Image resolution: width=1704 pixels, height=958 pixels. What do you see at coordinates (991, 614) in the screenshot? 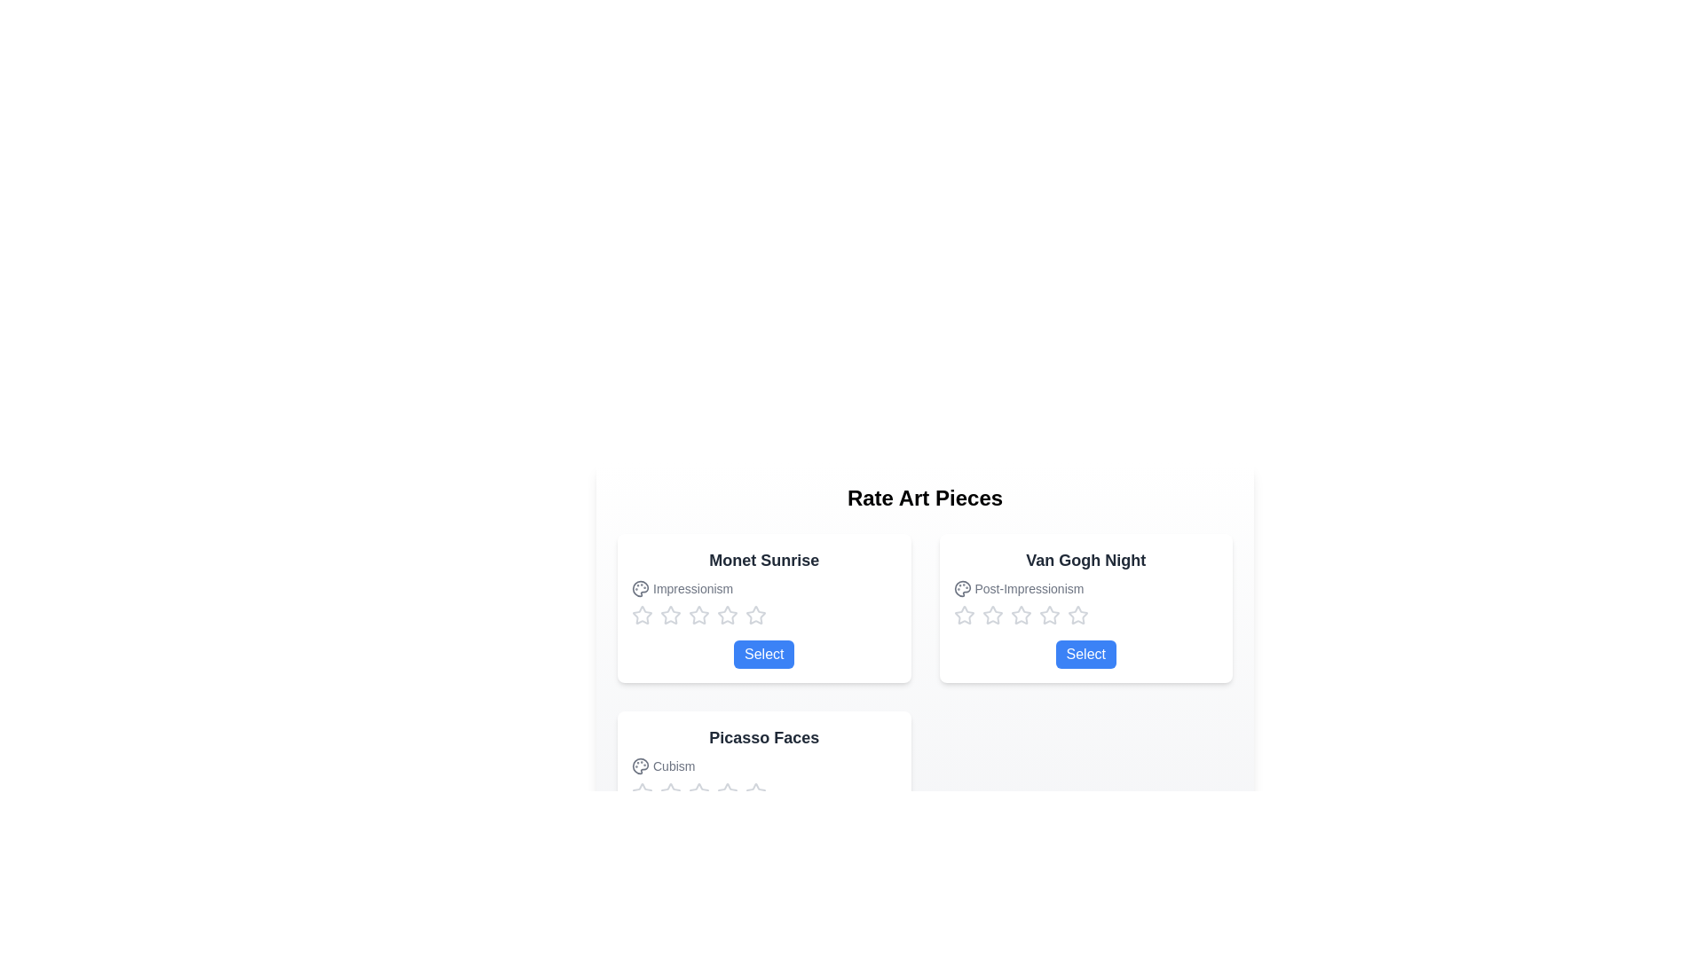
I see `the first rating star icon for the 'Van Gogh Night' artwork to set a rating of one` at bounding box center [991, 614].